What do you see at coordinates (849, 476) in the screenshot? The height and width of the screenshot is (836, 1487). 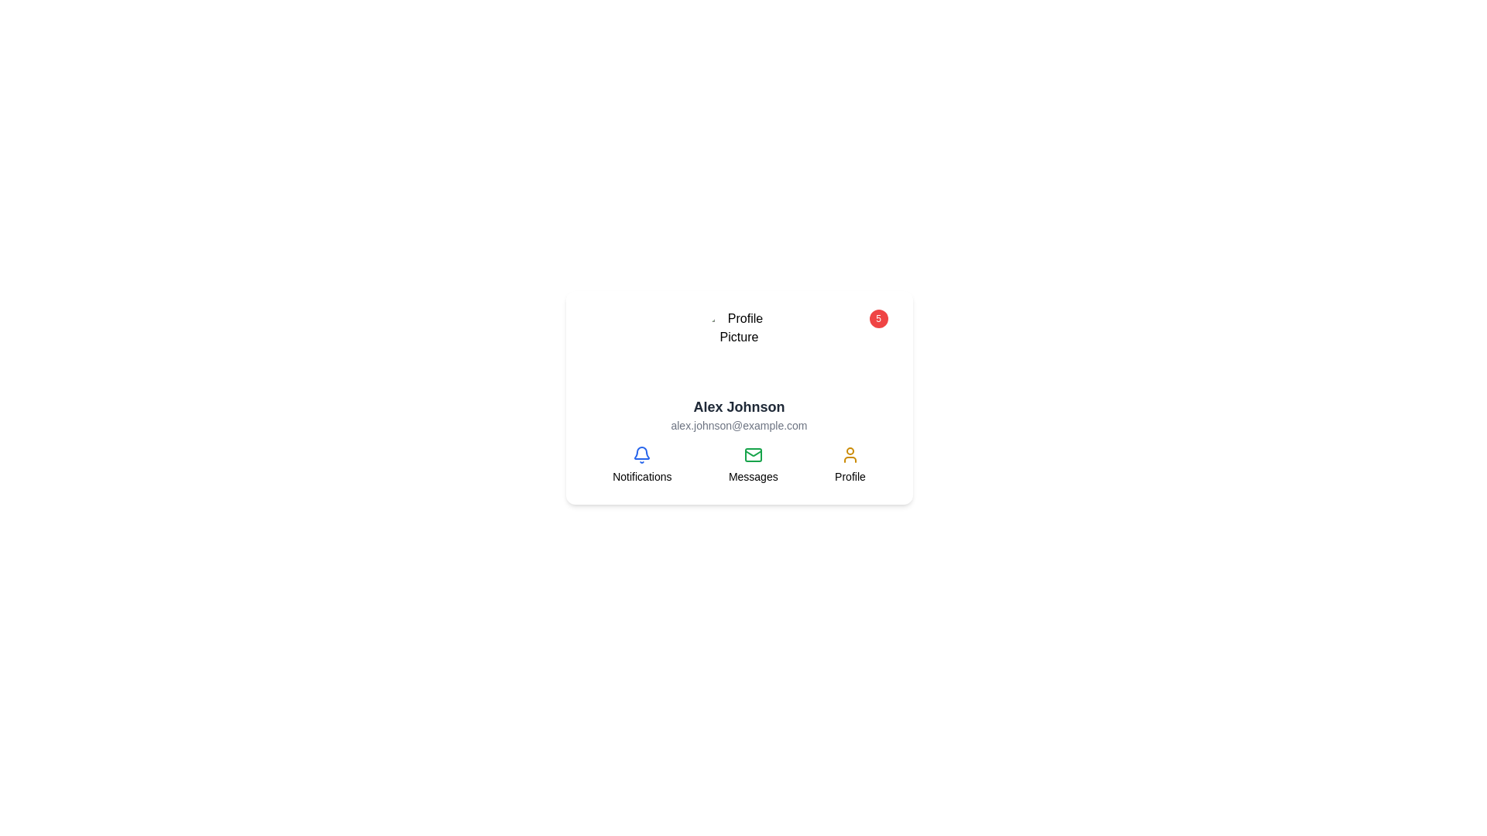 I see `text label displaying 'Profile' located under the user silhouette icon in the bottom right of the card layout` at bounding box center [849, 476].